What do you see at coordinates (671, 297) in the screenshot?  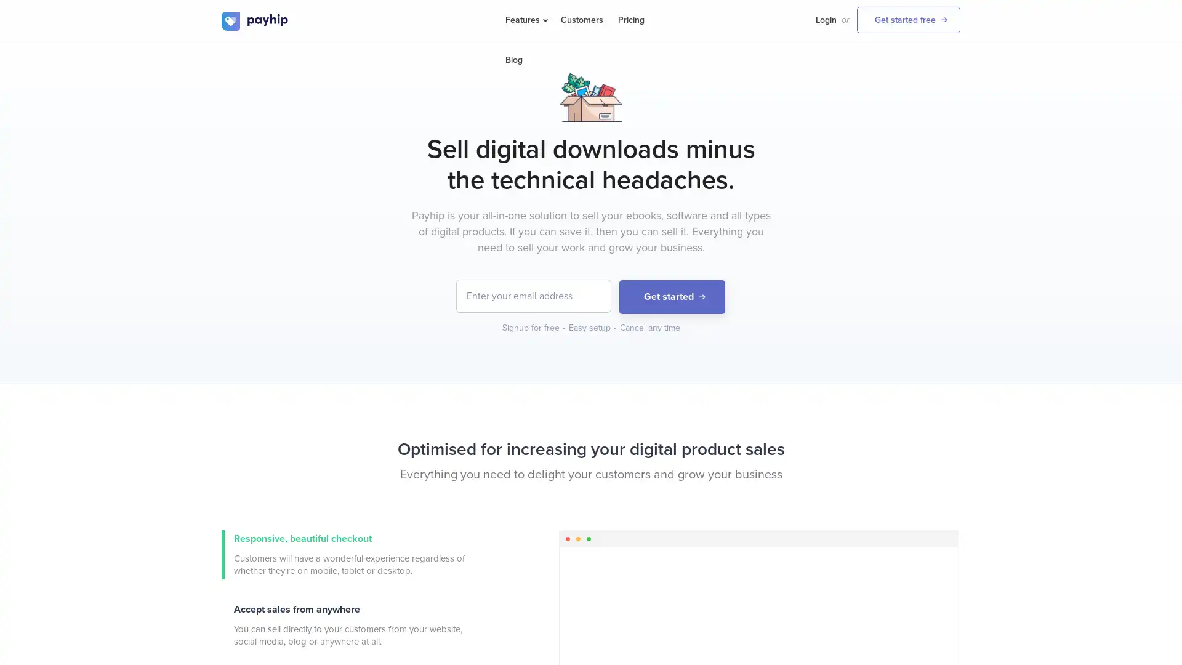 I see `Get started` at bounding box center [671, 297].